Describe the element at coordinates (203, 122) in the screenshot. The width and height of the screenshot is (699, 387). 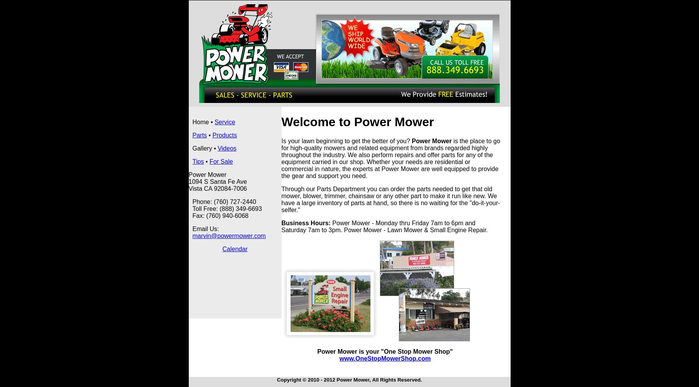
I see `'Home •'` at that location.